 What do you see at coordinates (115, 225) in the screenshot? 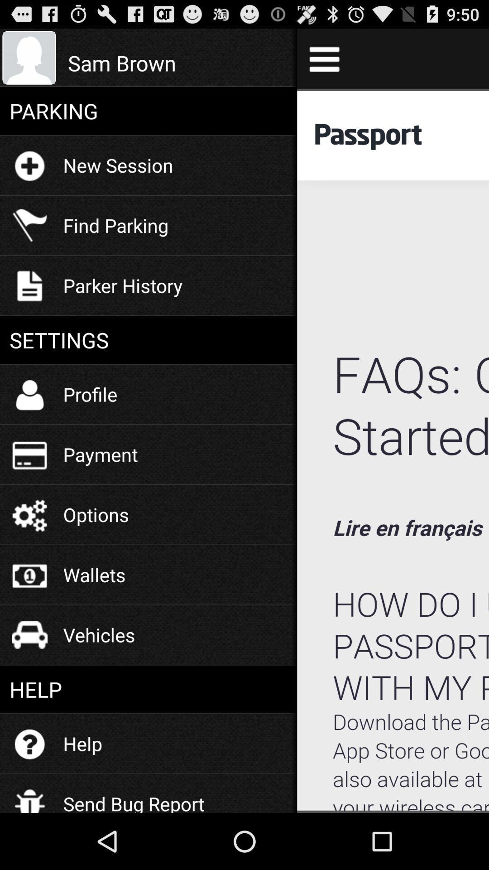
I see `find parking icon` at bounding box center [115, 225].